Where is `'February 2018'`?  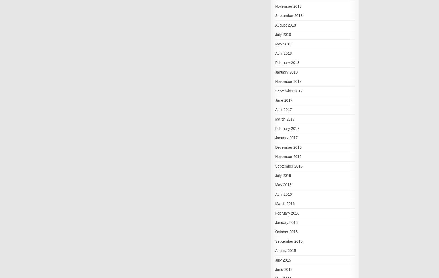 'February 2018' is located at coordinates (287, 62).